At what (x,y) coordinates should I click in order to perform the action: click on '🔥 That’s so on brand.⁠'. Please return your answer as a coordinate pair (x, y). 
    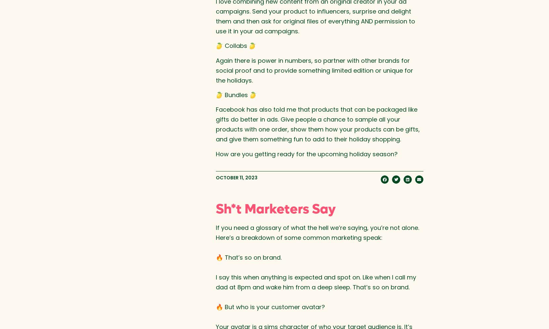
    Looking at the image, I should click on (215, 257).